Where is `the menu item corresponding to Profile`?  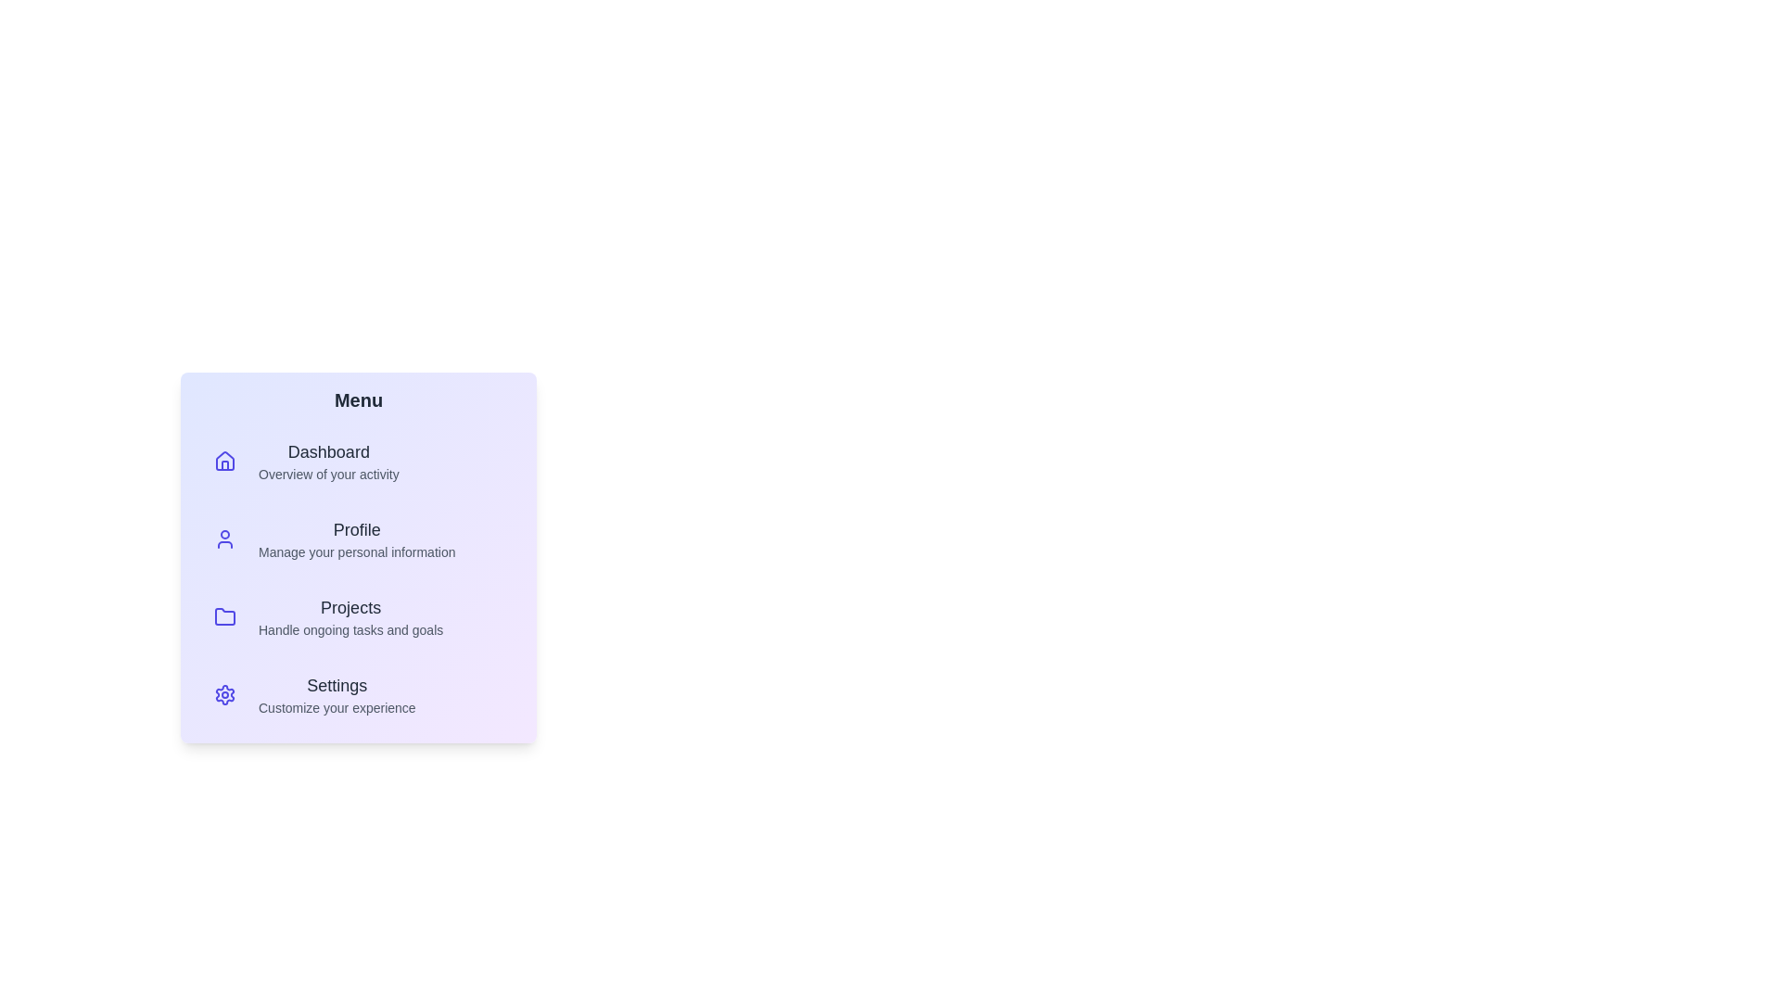
the menu item corresponding to Profile is located at coordinates (359, 539).